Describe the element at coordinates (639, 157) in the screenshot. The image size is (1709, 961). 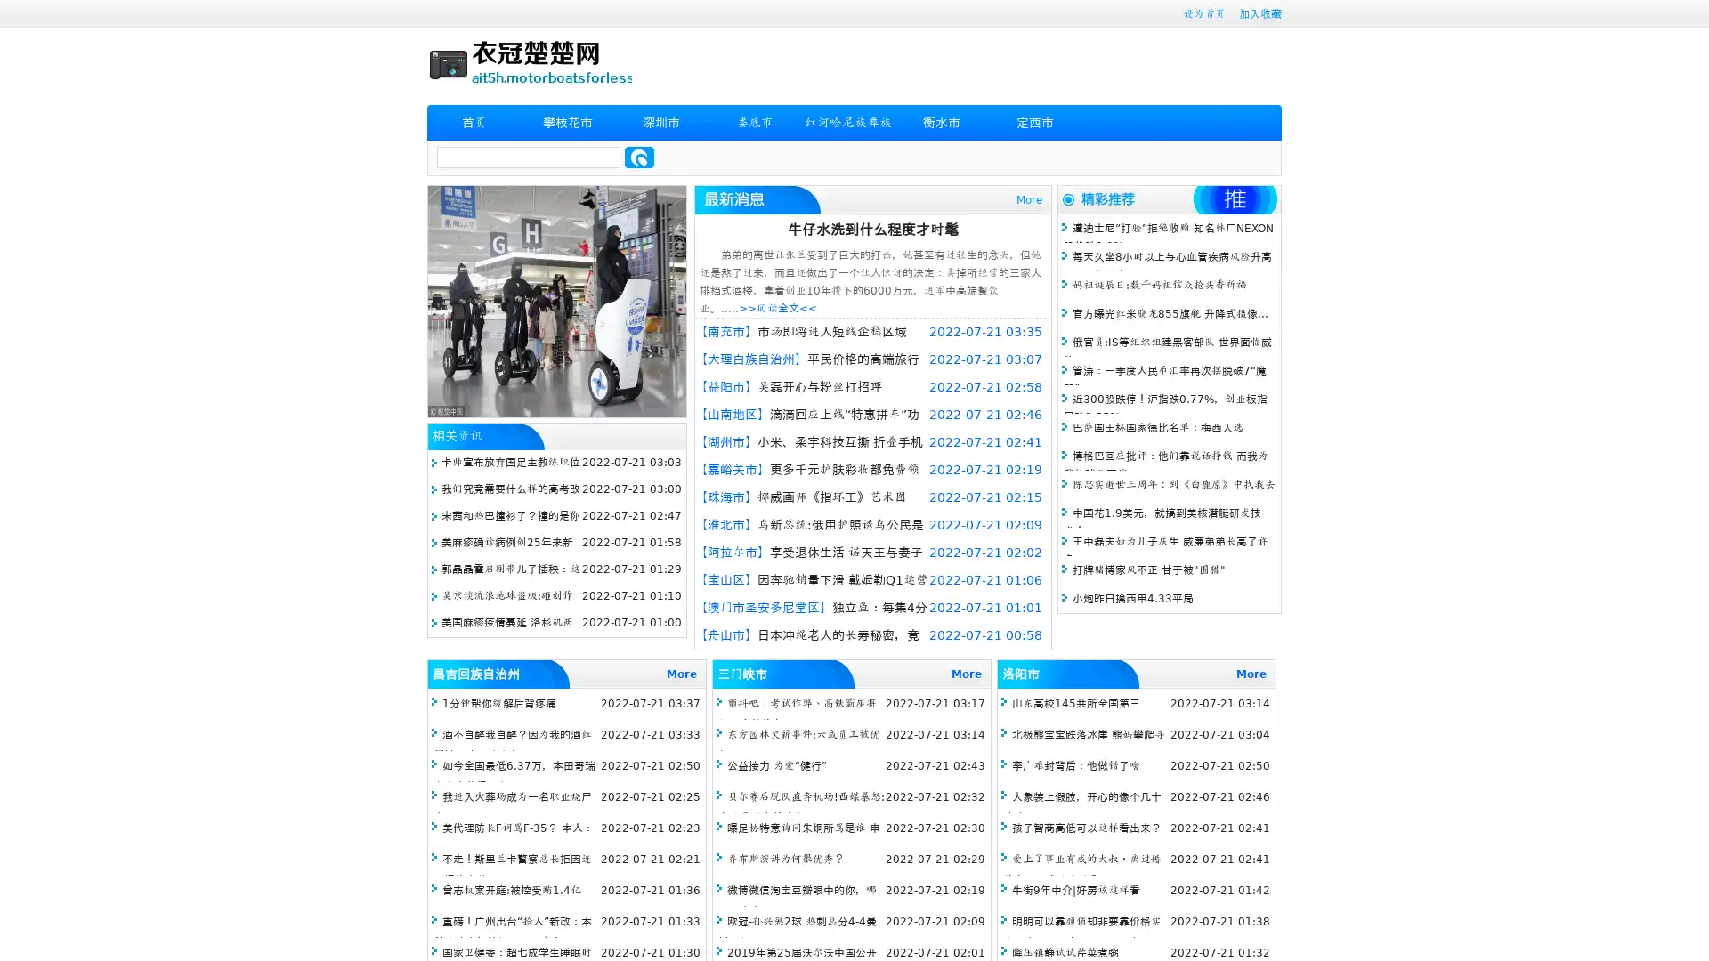
I see `Search` at that location.